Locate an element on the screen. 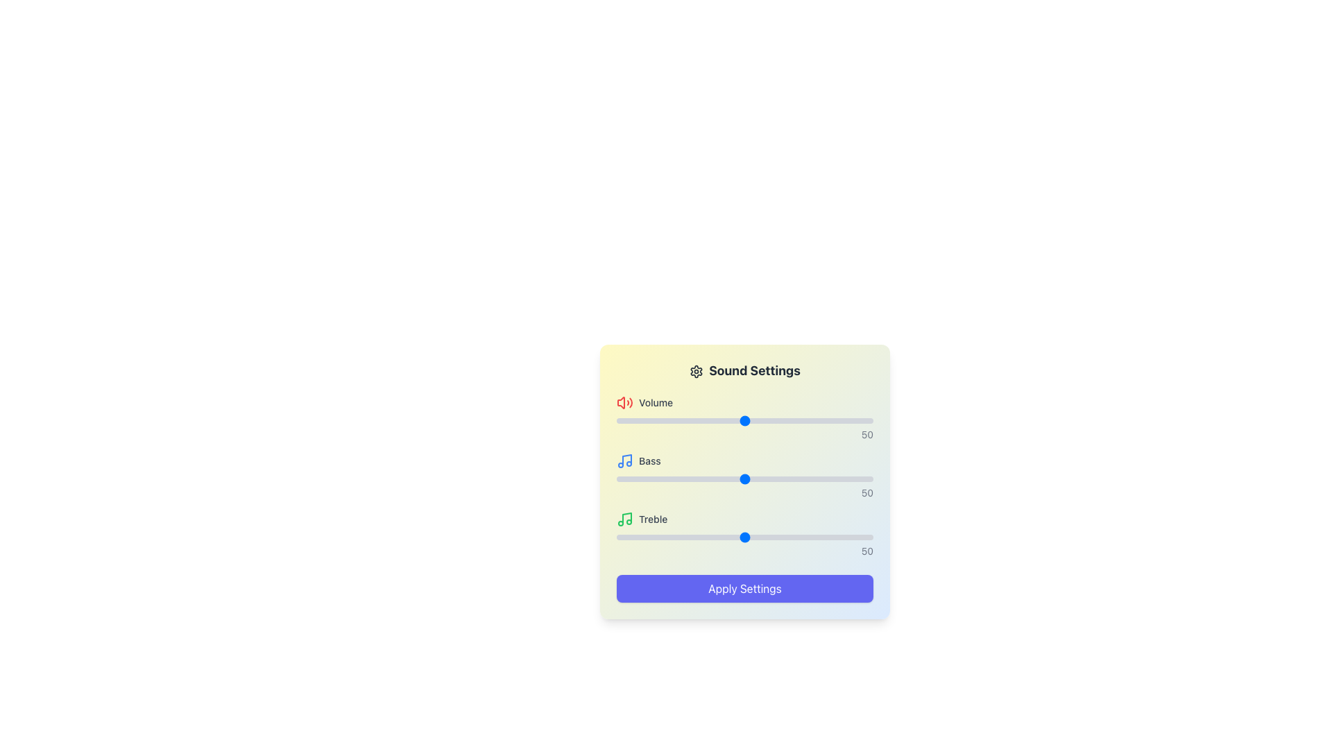  the handle of the 'Bass' slider control is located at coordinates (744, 478).